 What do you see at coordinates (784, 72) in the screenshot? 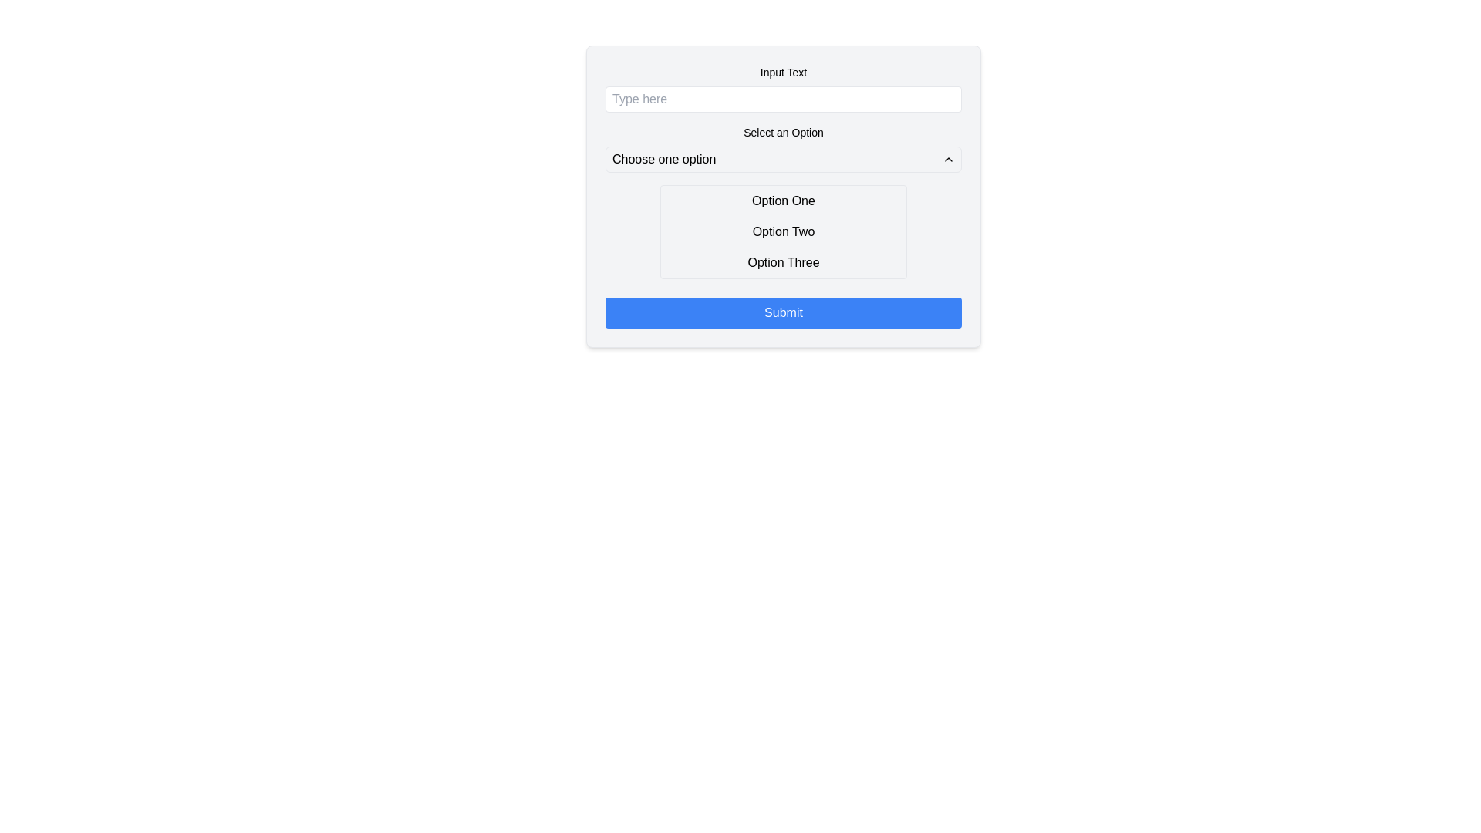
I see `the text label that reads 'Input Text', which is styled with medium weight and small size, positioned above the input box labeled 'custom-input'` at bounding box center [784, 72].